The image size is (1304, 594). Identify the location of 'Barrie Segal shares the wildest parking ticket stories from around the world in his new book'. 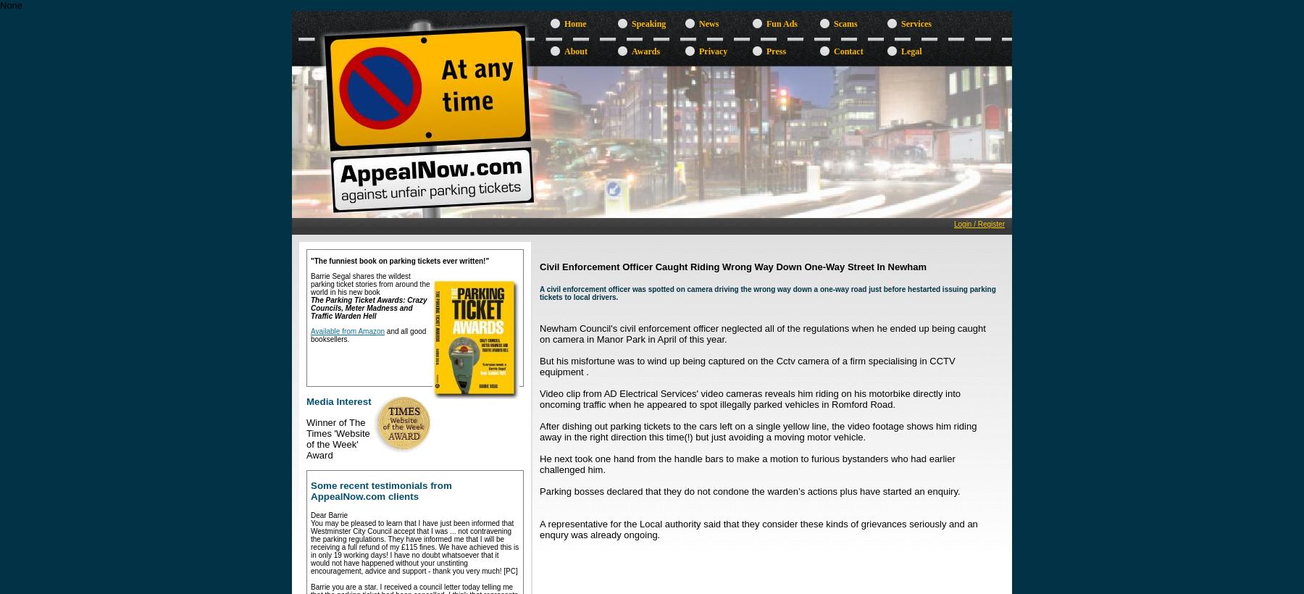
(310, 284).